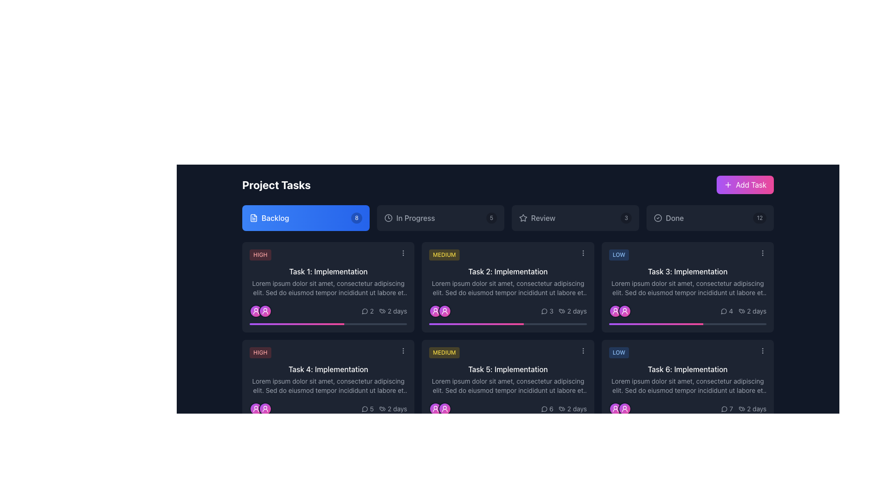 The width and height of the screenshot is (886, 498). What do you see at coordinates (260, 352) in the screenshot?
I see `the 'HIGH' priority label located in the lower left corner of the 'Task 4: Implementation' card, which is positioned above the card's text content` at bounding box center [260, 352].